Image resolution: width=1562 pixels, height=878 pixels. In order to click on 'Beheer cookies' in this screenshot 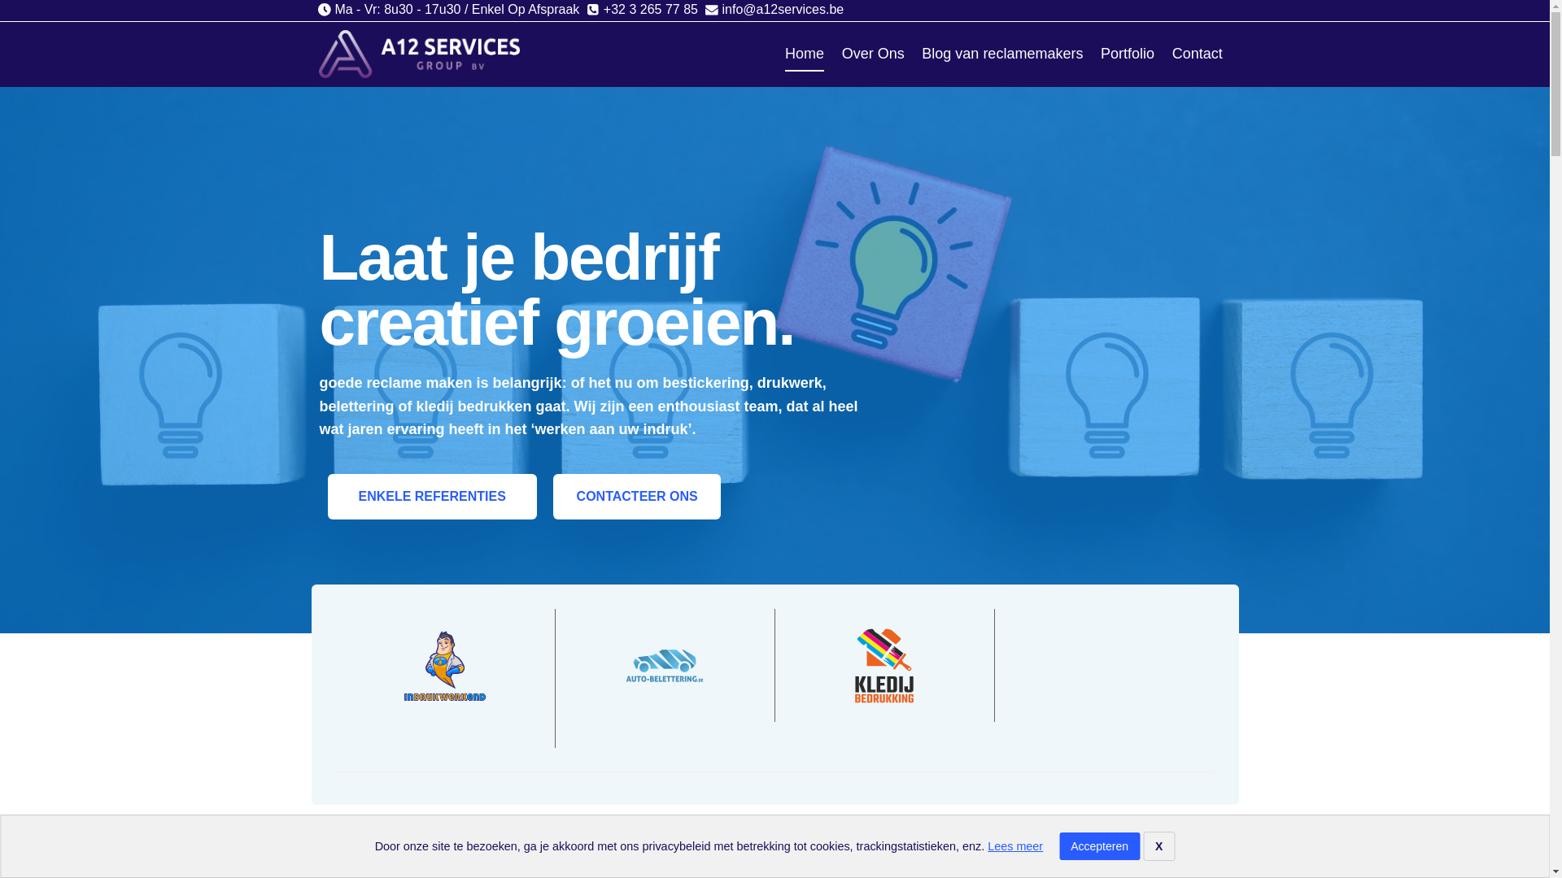, I will do `click(66, 846)`.